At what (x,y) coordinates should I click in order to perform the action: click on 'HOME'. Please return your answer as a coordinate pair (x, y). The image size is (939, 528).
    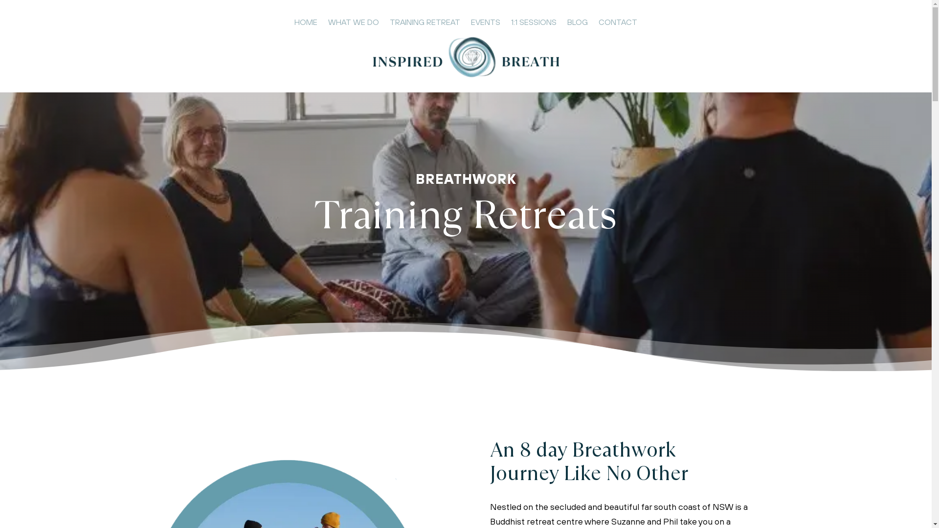
    Looking at the image, I should click on (305, 23).